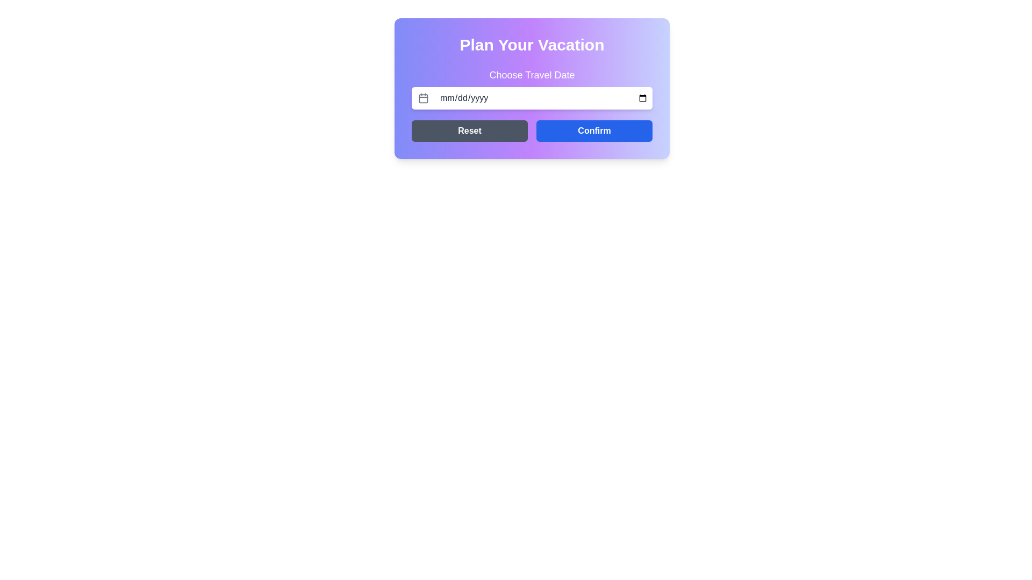 The width and height of the screenshot is (1032, 580). Describe the element at coordinates (422, 98) in the screenshot. I see `the calendar component element located to the right of the date input field` at that location.